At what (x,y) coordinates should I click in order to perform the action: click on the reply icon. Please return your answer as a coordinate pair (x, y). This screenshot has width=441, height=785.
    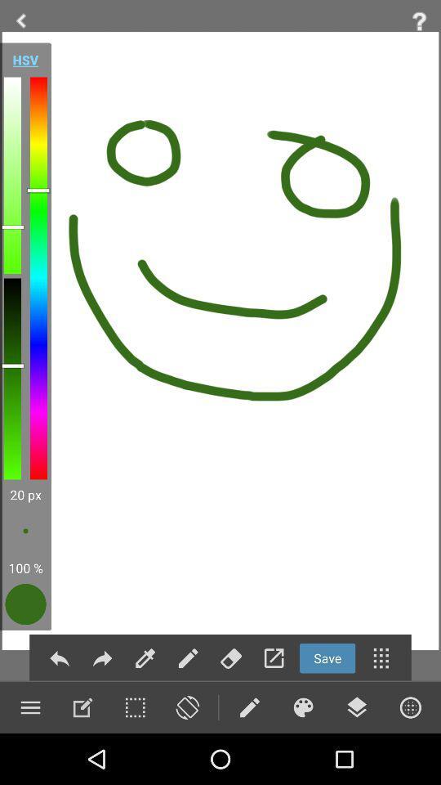
    Looking at the image, I should click on (59, 658).